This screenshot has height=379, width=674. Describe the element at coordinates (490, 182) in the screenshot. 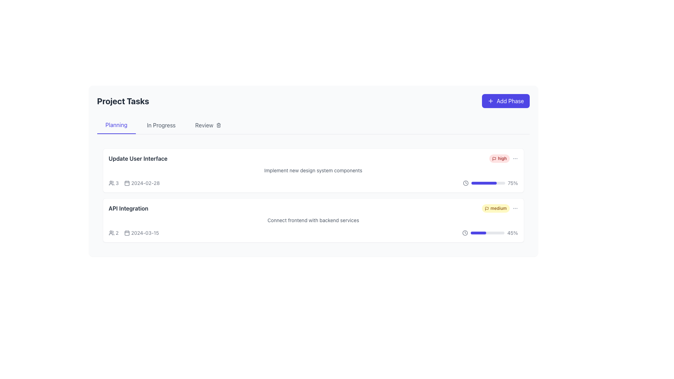

I see `the progress bar with a percentage label located in the 'Update User Interface' task entry in the 'Planning' section` at that location.